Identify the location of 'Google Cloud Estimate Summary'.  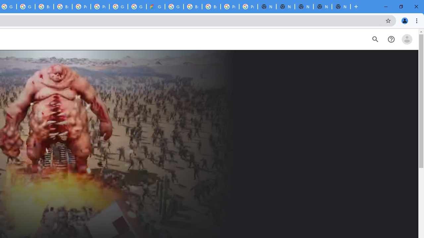
(155, 7).